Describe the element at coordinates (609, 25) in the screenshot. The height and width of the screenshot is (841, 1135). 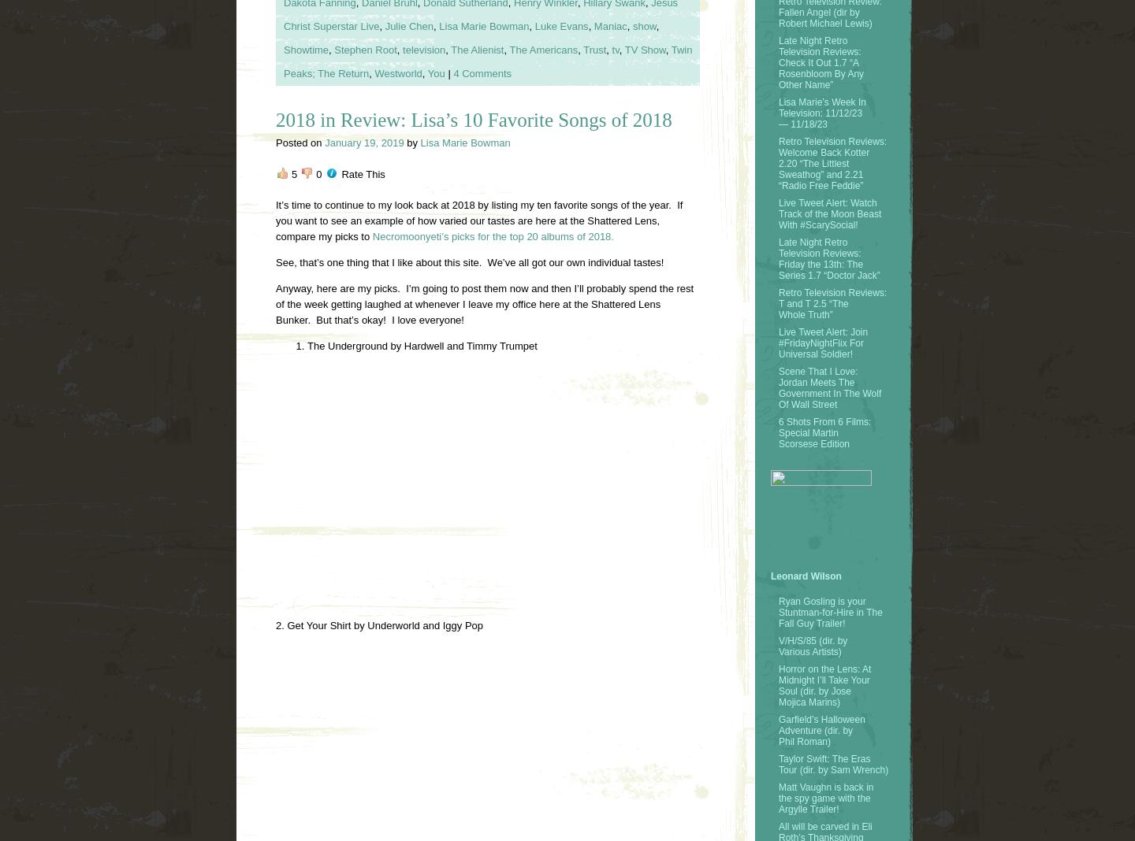
I see `'Maniac'` at that location.